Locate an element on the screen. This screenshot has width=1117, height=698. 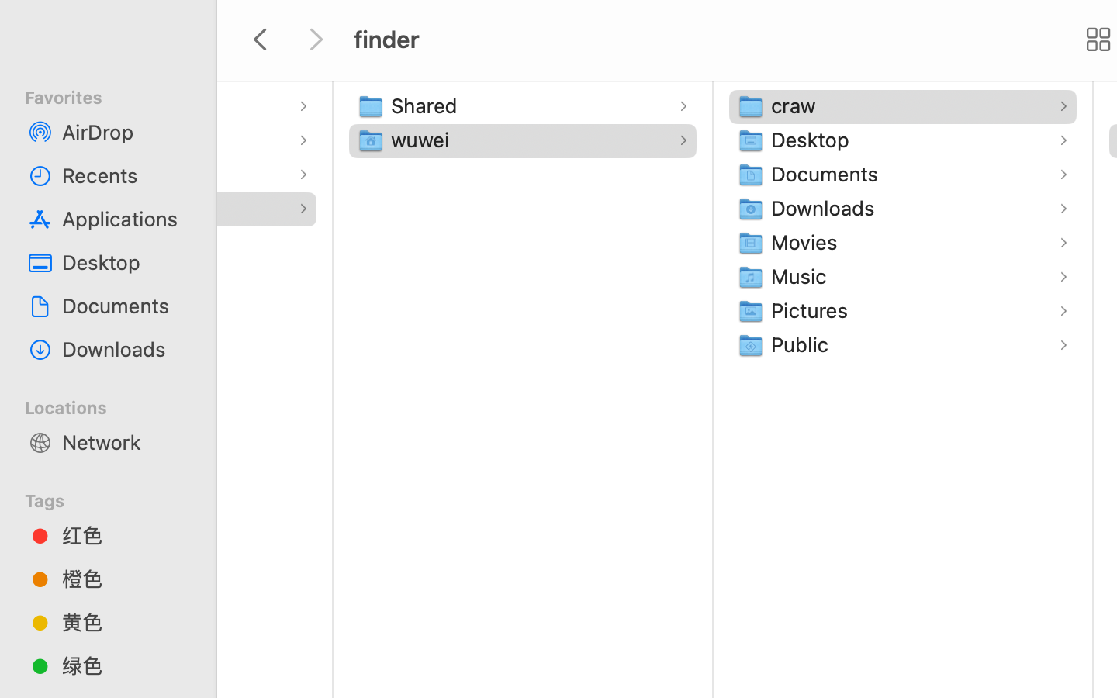
'Recents' is located at coordinates (123, 174).